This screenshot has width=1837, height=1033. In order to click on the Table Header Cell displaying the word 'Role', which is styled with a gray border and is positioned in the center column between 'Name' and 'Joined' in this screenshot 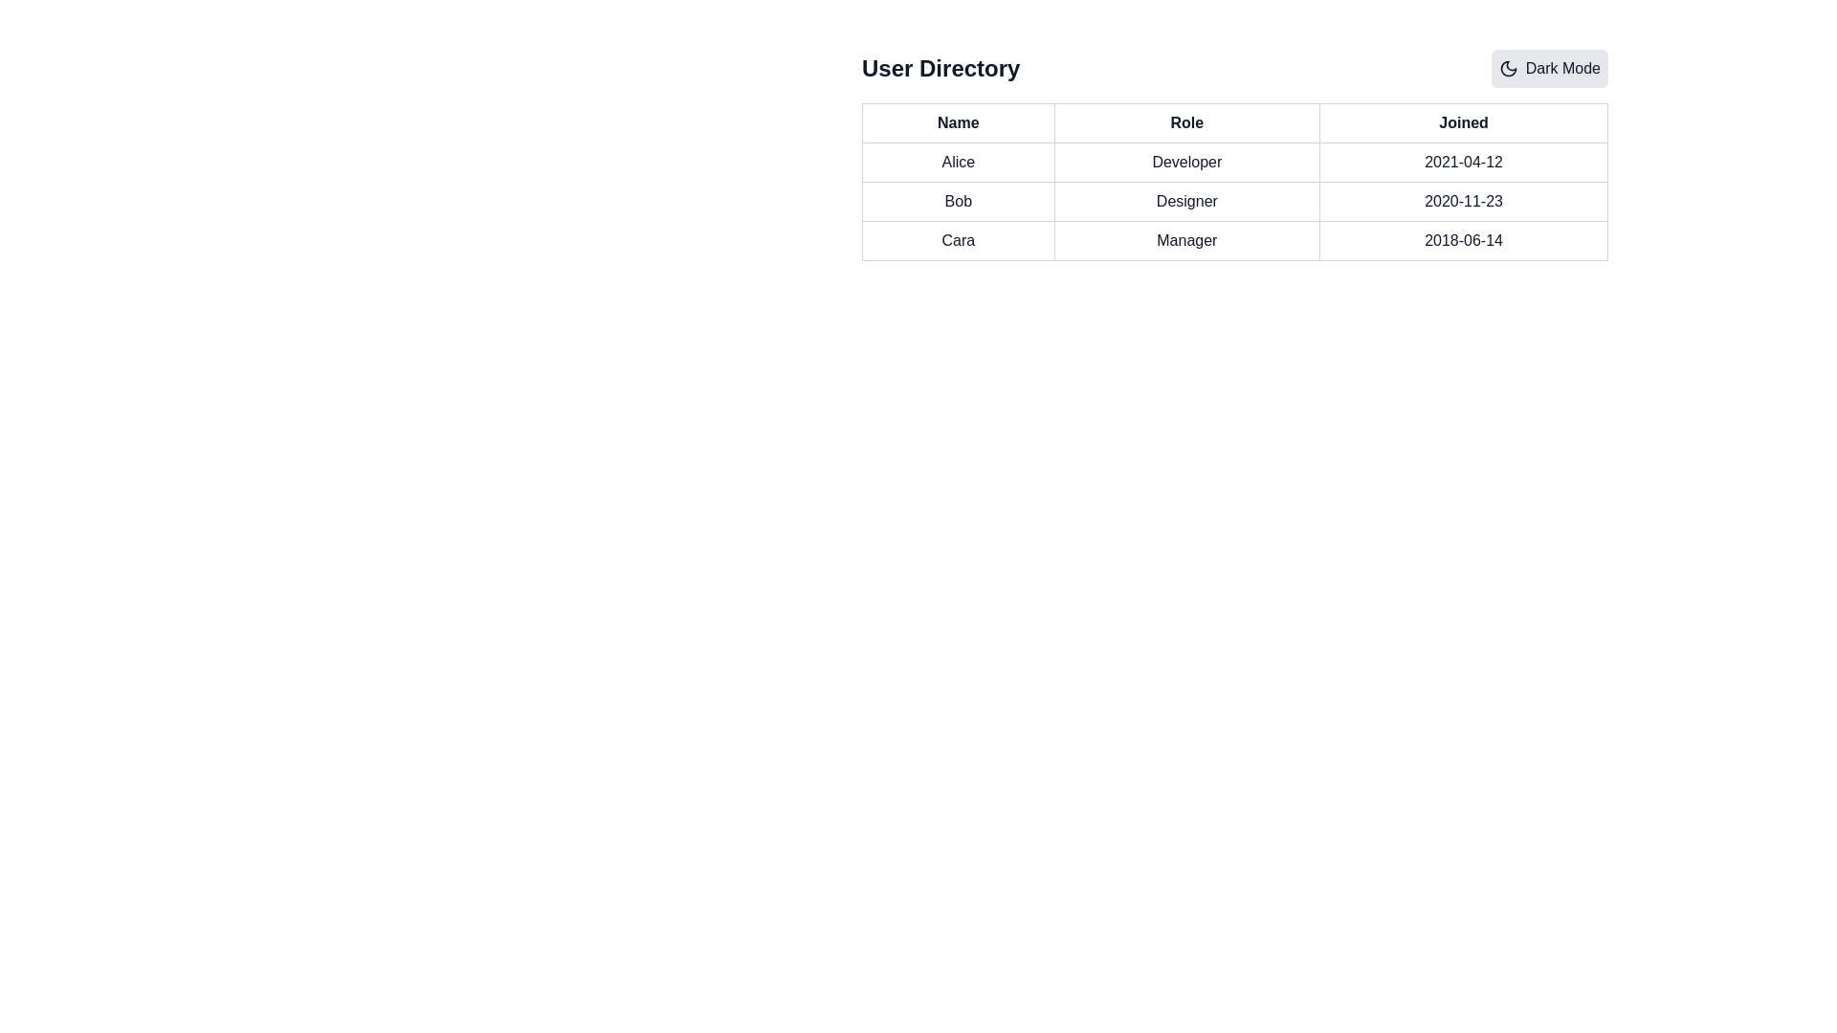, I will do `click(1185, 122)`.